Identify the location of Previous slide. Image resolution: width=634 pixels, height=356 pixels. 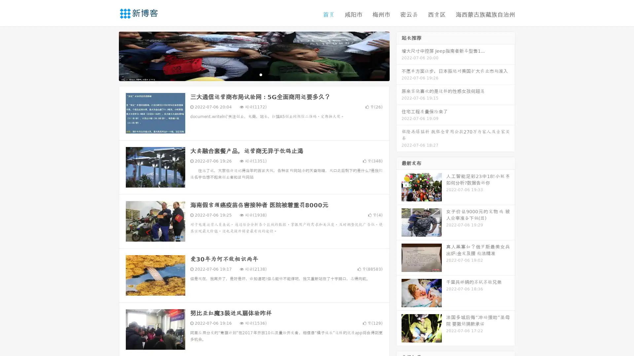
(109, 55).